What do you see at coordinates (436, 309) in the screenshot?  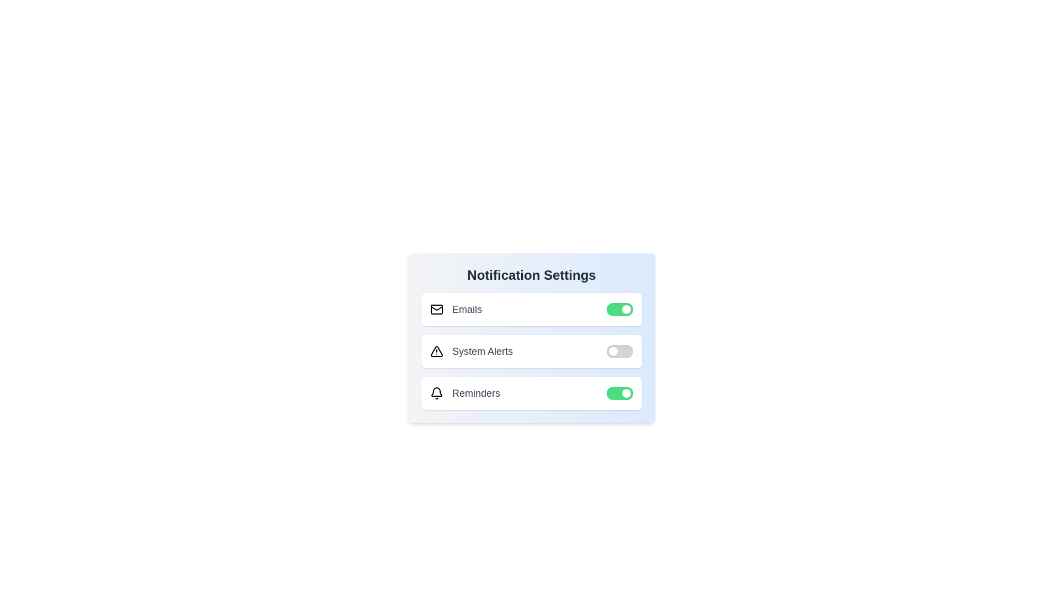 I see `the notification icon for Emails` at bounding box center [436, 309].